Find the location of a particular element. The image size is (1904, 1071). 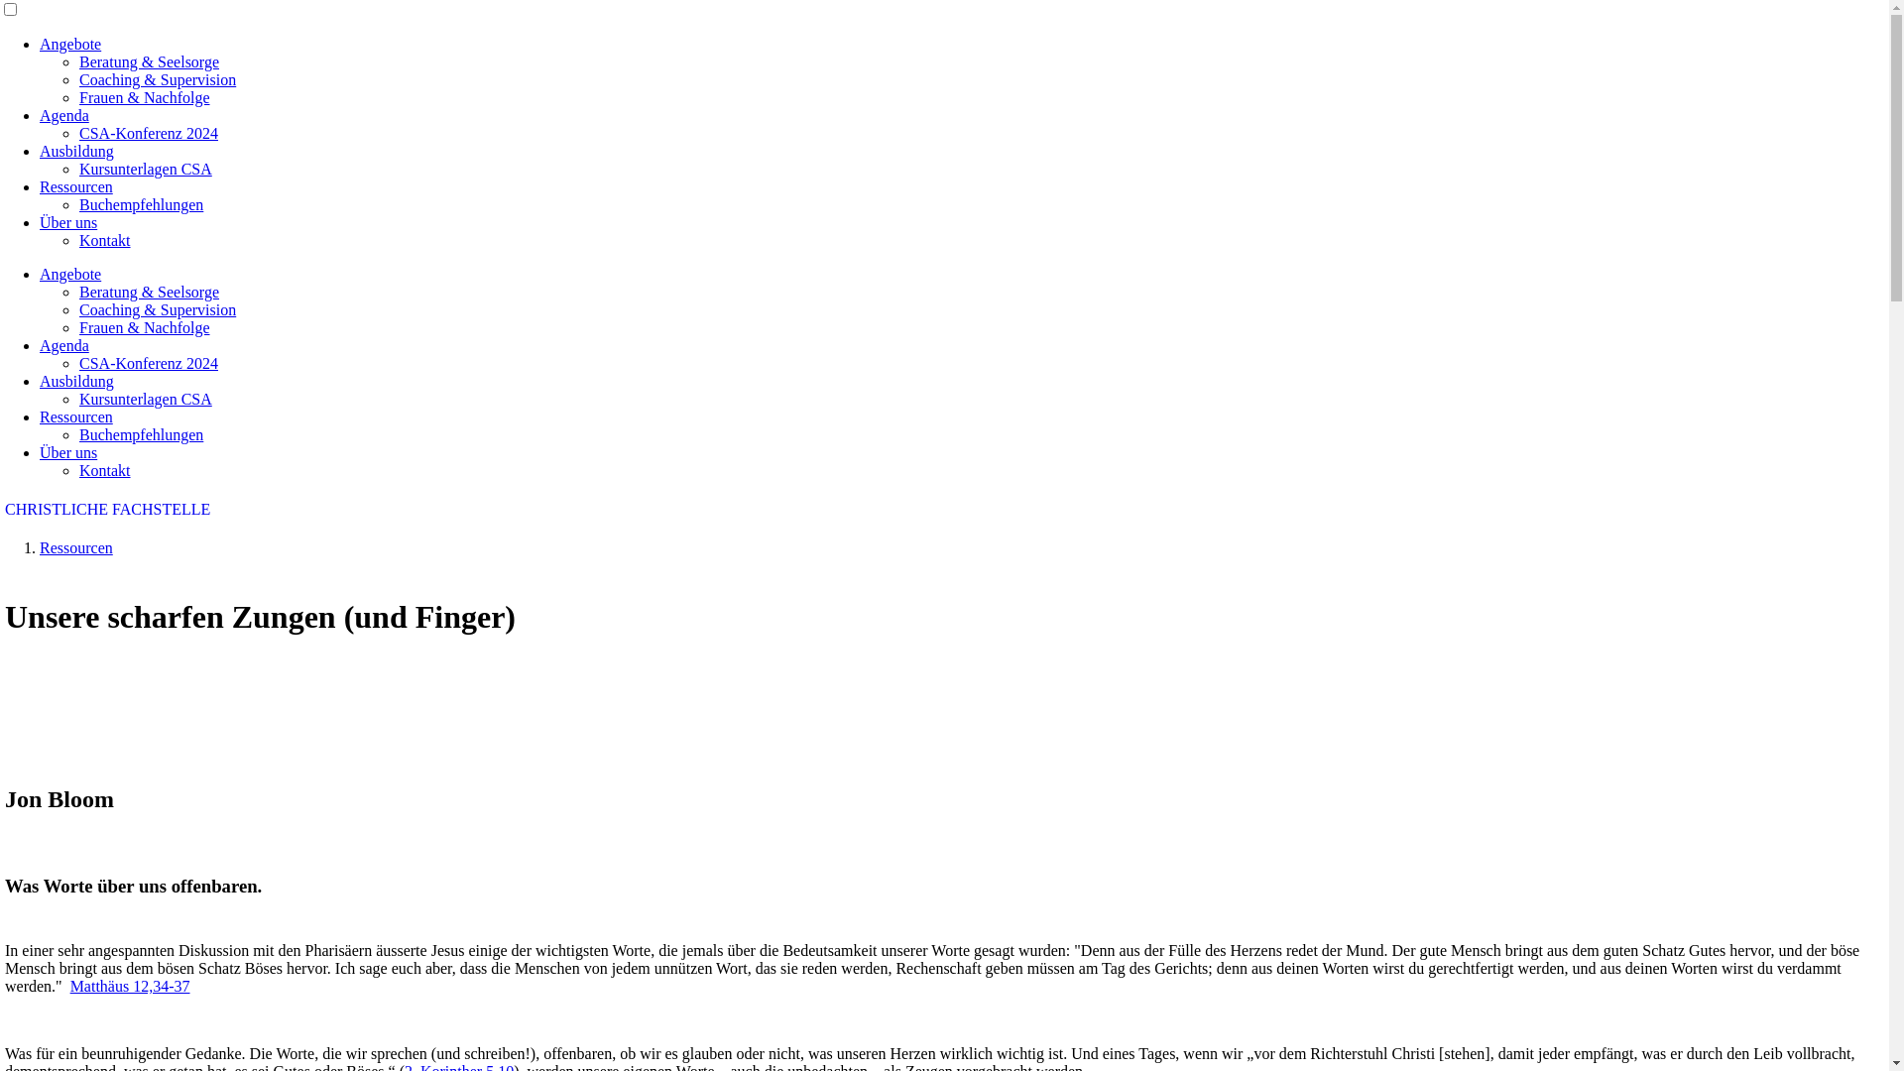

'CSA-Konferenz 2024' is located at coordinates (147, 363).